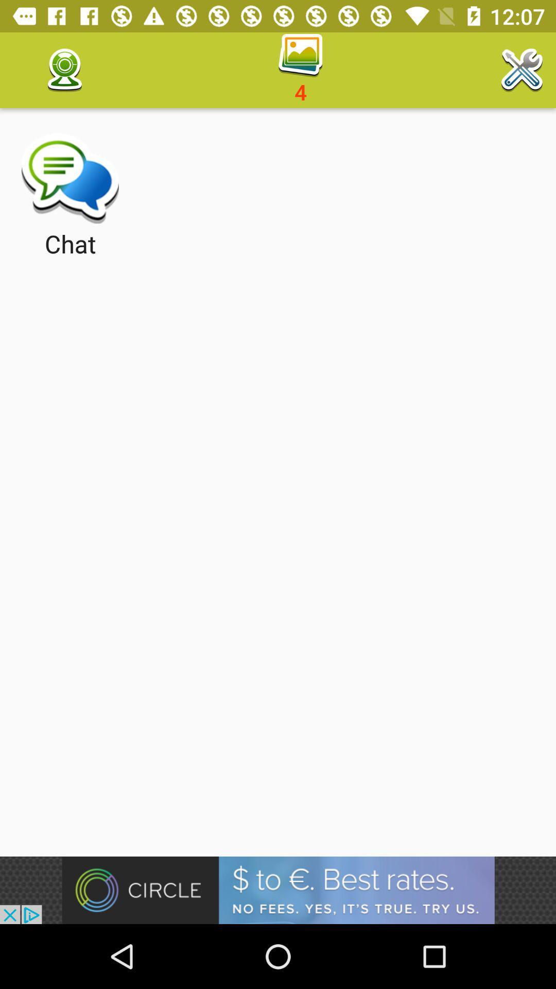 The image size is (556, 989). I want to click on visit advertiser, so click(278, 890).